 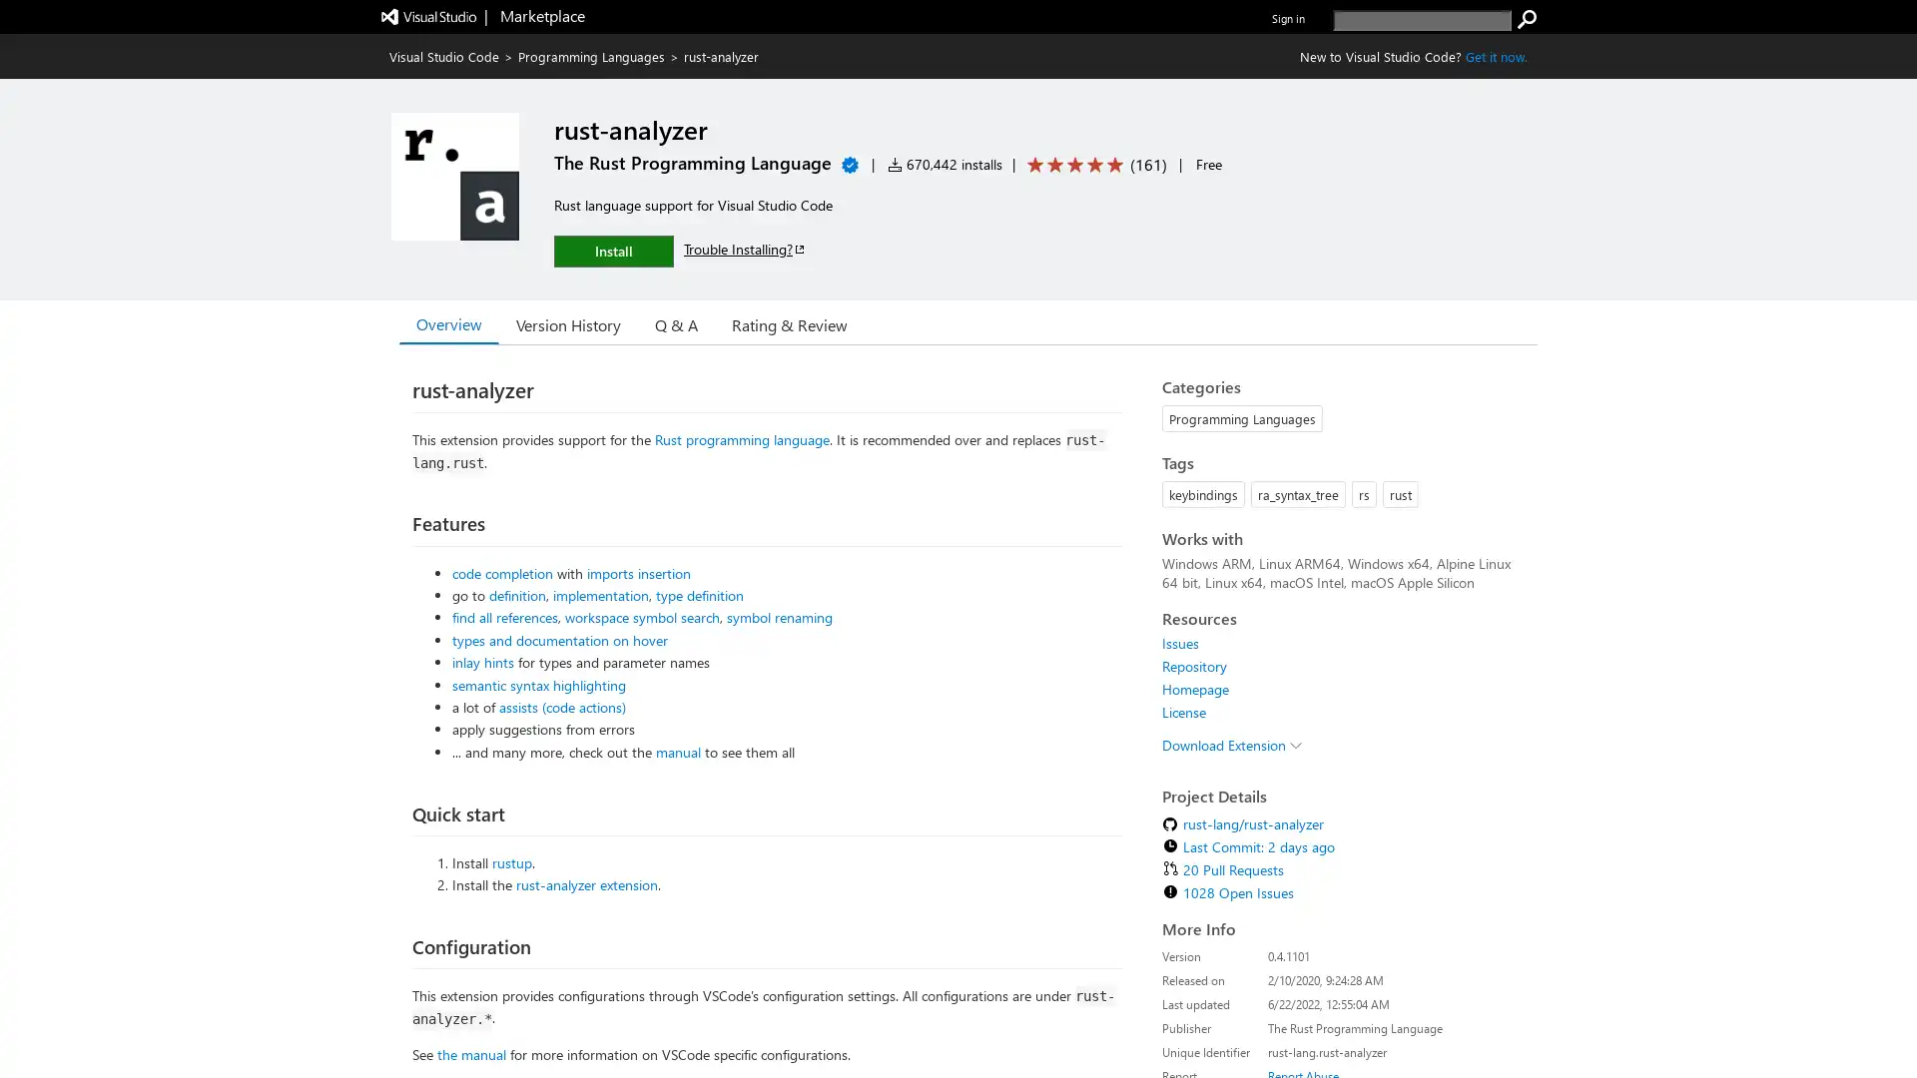 What do you see at coordinates (676, 322) in the screenshot?
I see `Q & A` at bounding box center [676, 322].